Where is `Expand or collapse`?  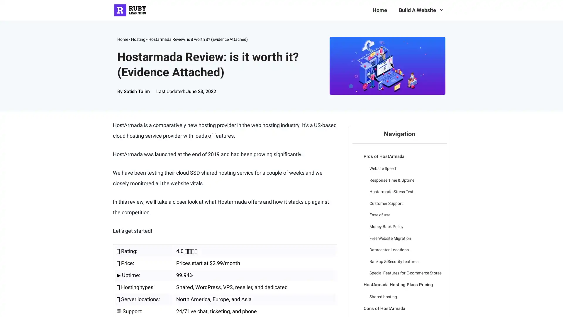 Expand or collapse is located at coordinates (356, 304).